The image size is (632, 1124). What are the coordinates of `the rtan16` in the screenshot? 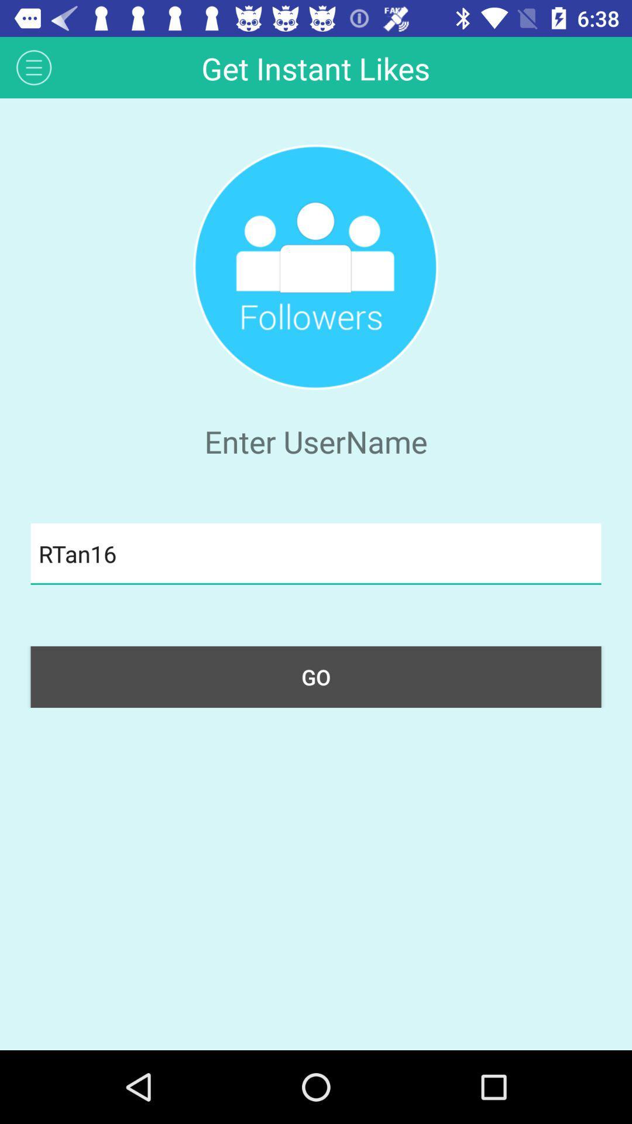 It's located at (316, 553).